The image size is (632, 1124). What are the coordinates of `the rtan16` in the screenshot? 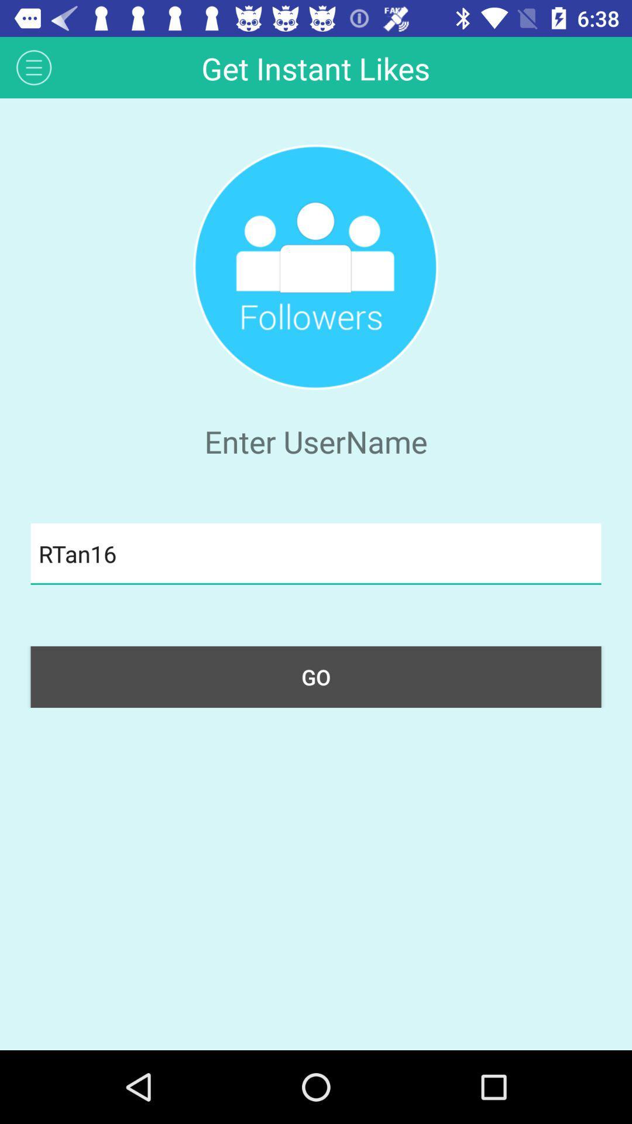 It's located at (316, 553).